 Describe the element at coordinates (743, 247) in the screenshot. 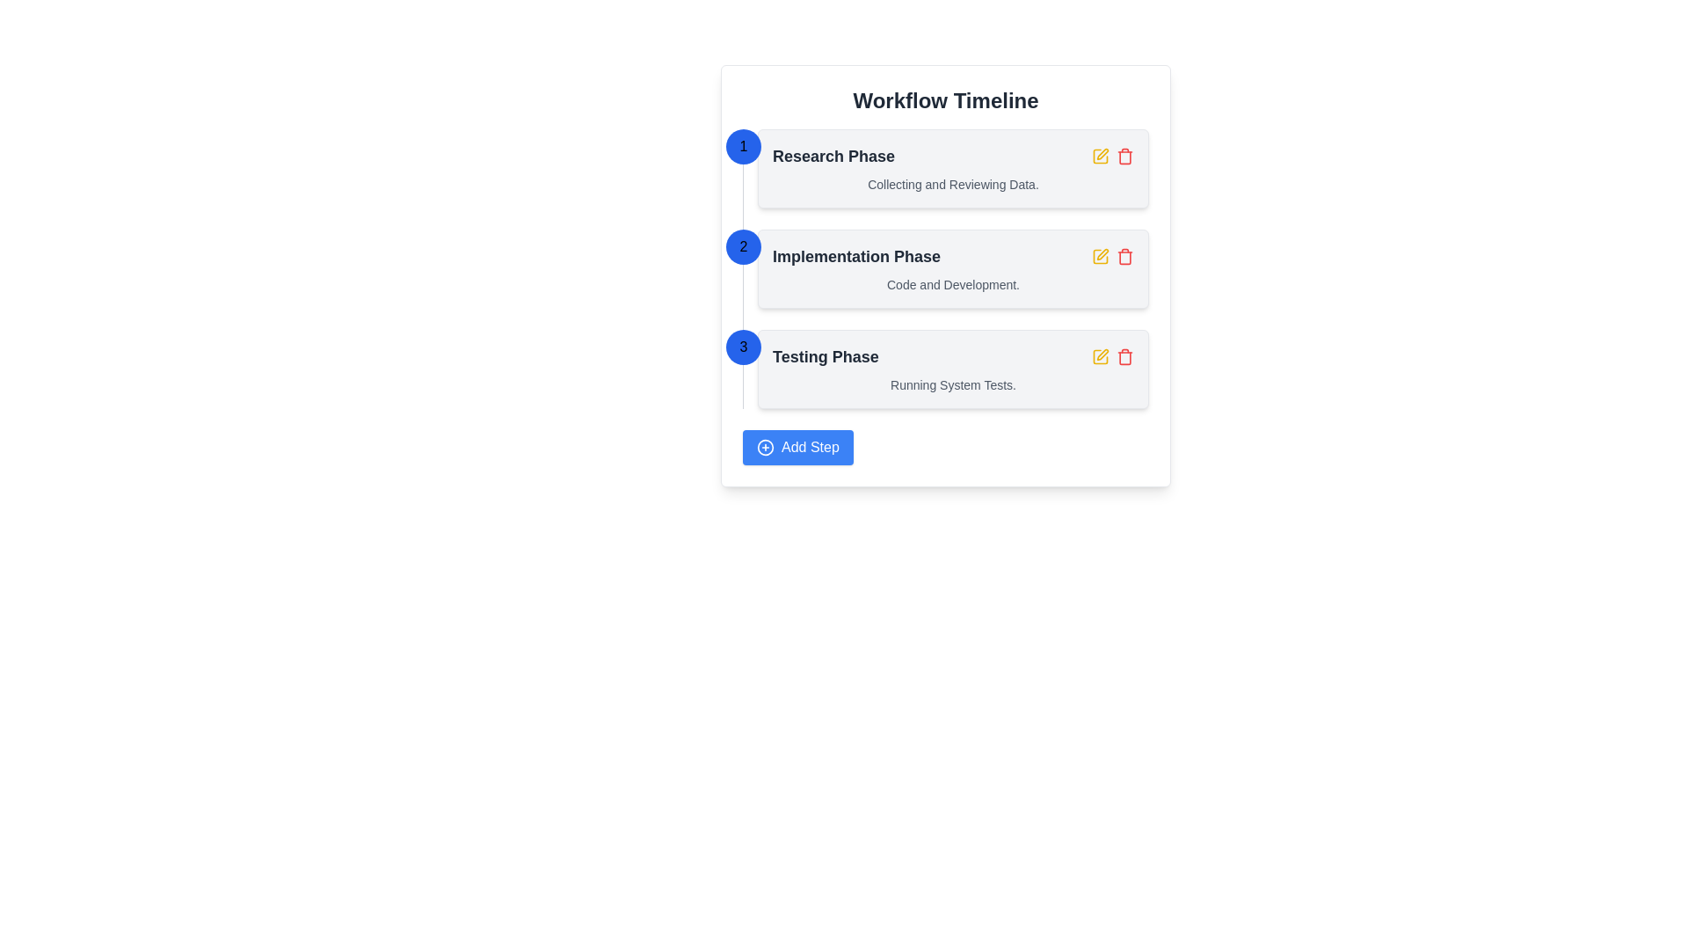

I see `the circular badge with a blue background and white text displaying the number '2', located to the left of the 'Implementation Phase' section header in the workflow timeline` at that location.